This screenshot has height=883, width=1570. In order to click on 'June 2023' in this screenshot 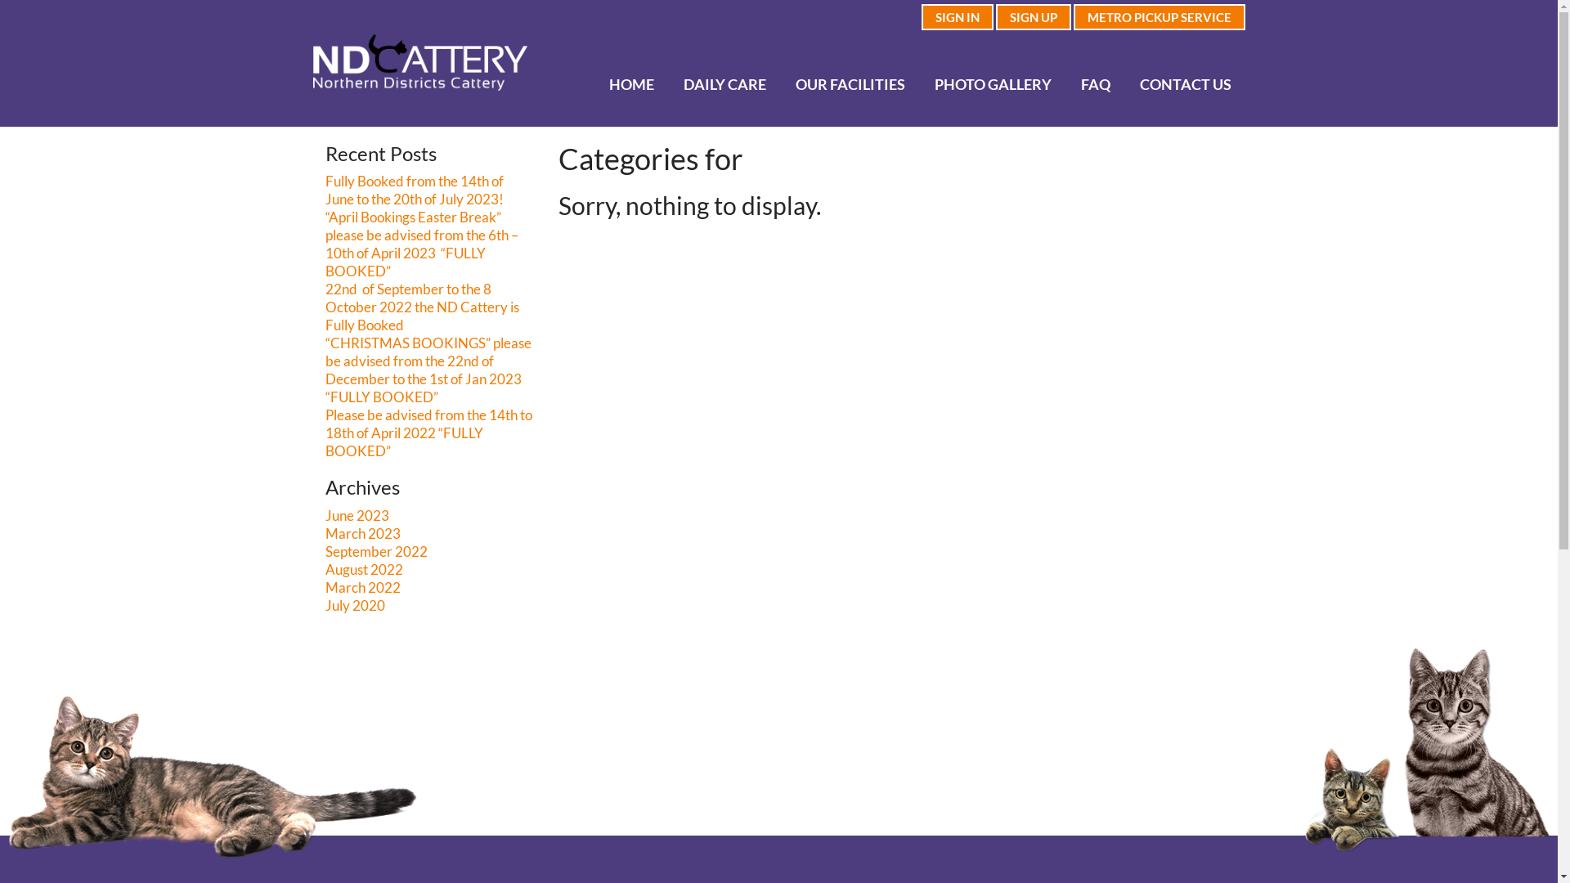, I will do `click(356, 516)`.